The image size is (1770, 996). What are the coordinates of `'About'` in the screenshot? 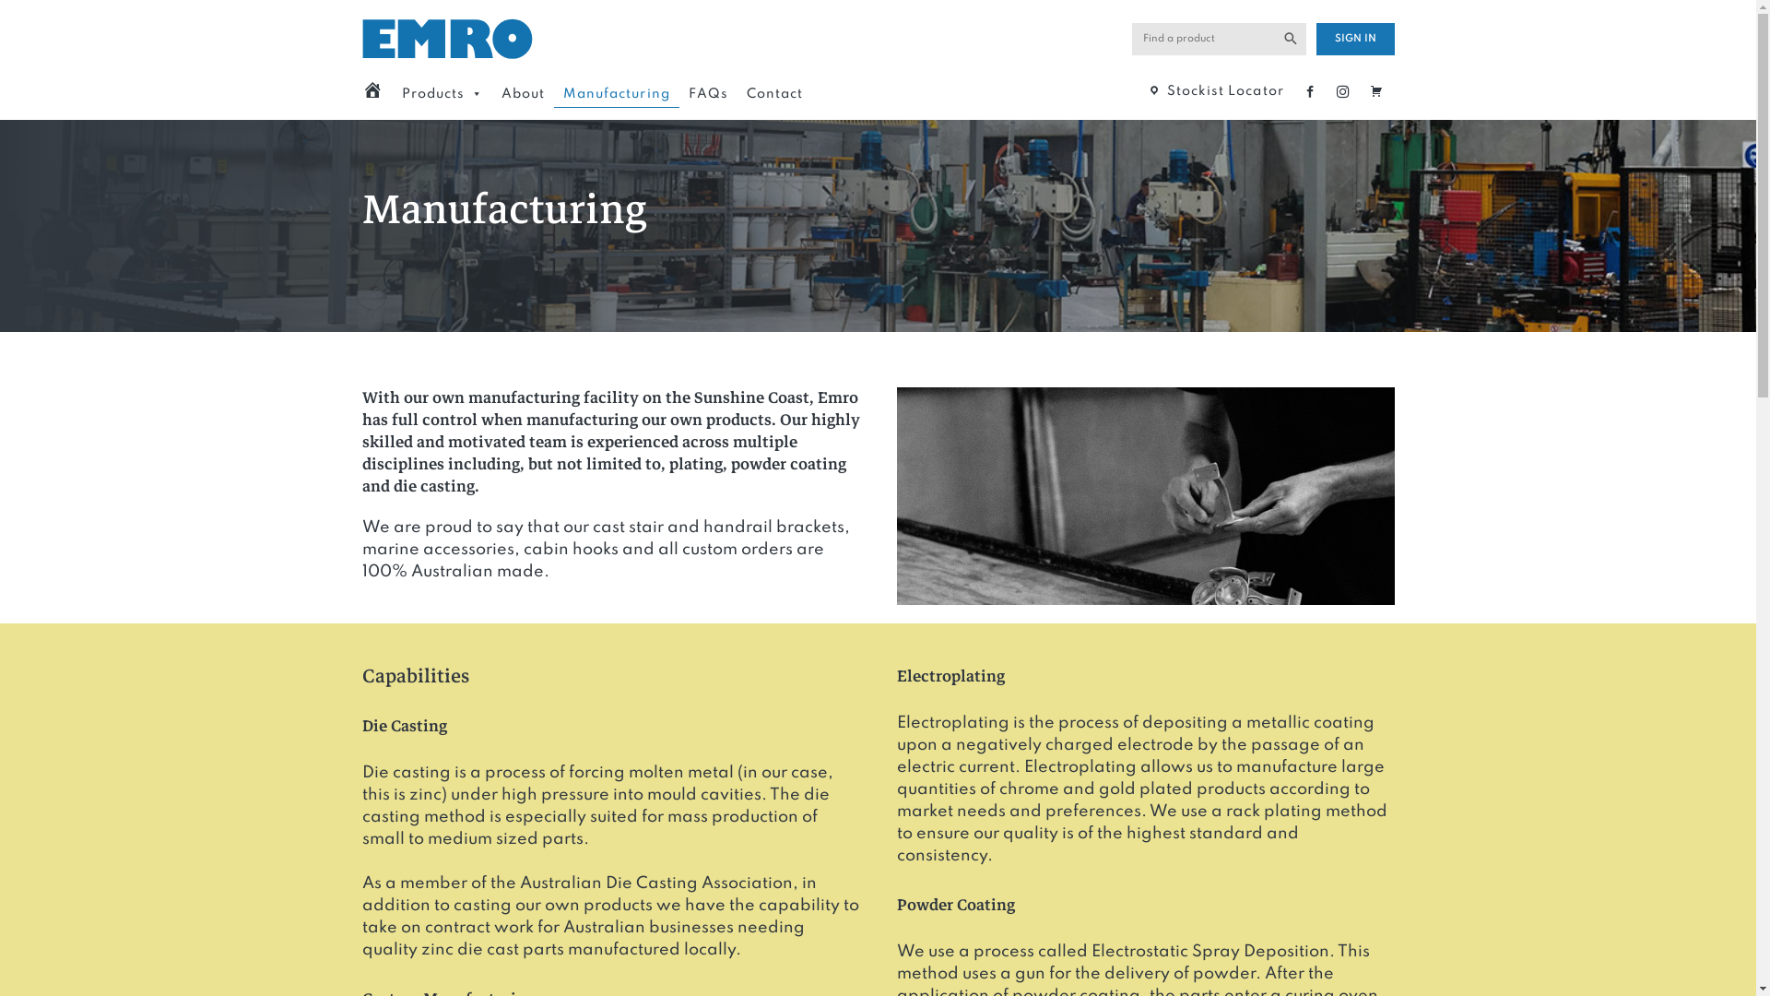 It's located at (522, 93).